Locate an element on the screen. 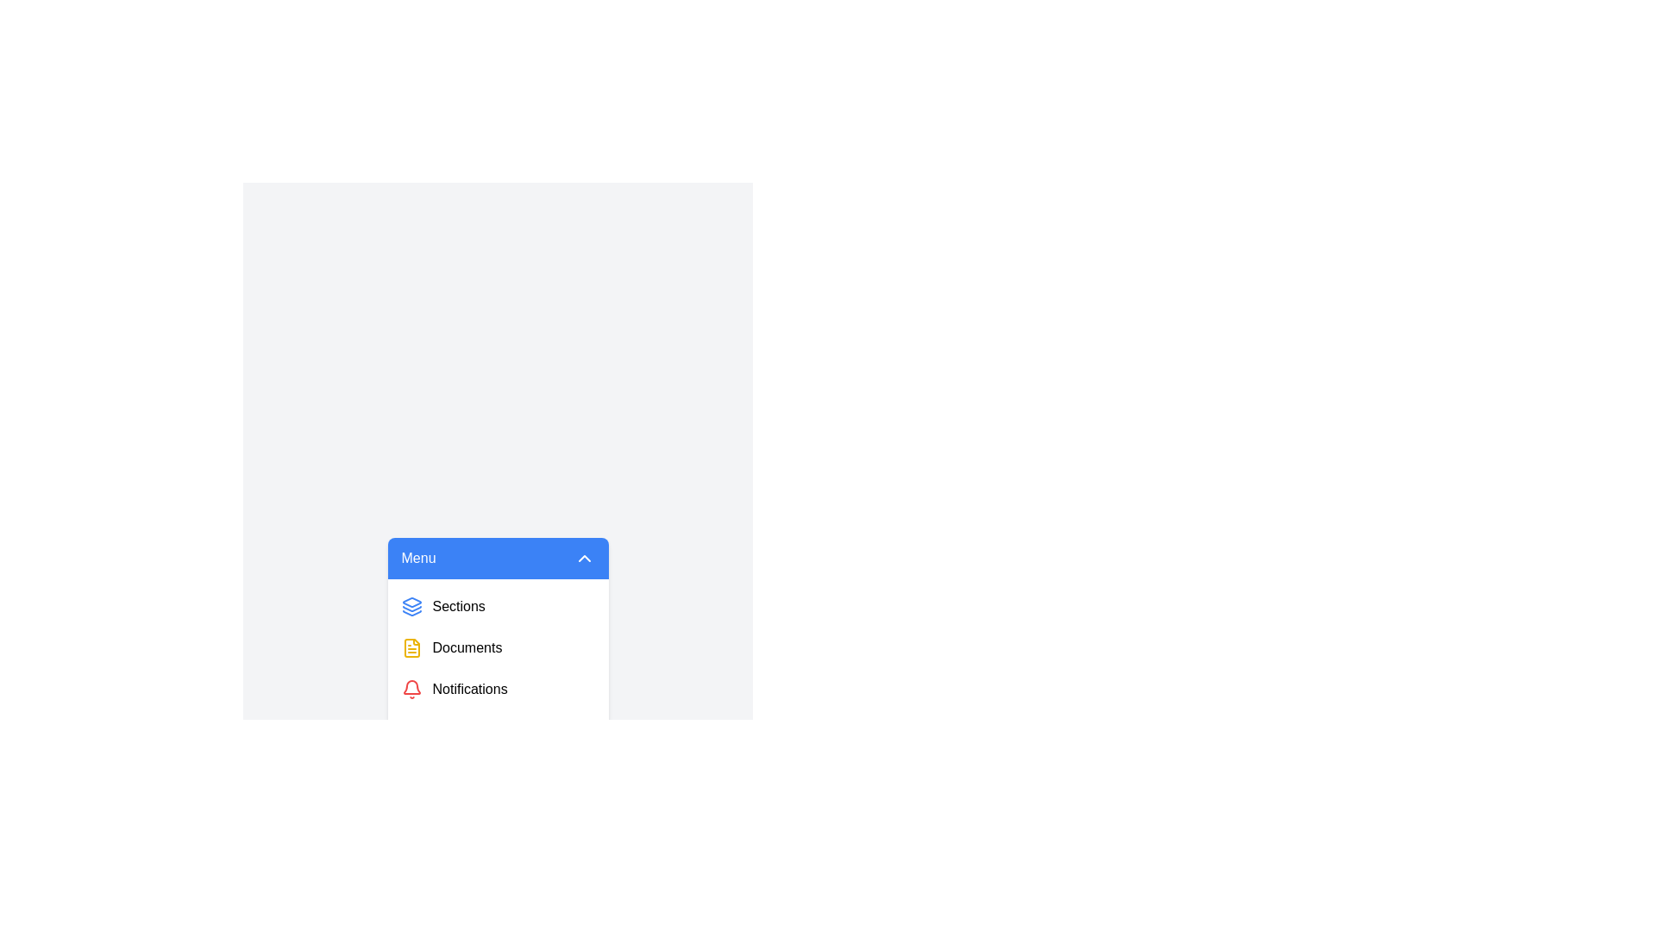 This screenshot has height=931, width=1656. the menu bar to toggle the menu visibility is located at coordinates (497, 559).